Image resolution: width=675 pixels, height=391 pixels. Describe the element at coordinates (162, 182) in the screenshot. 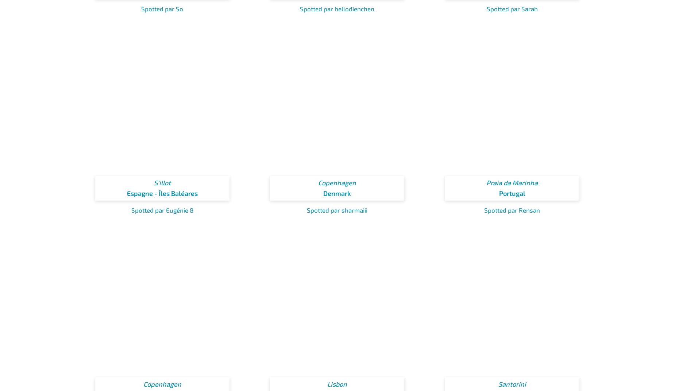

I see `'S'illot'` at that location.